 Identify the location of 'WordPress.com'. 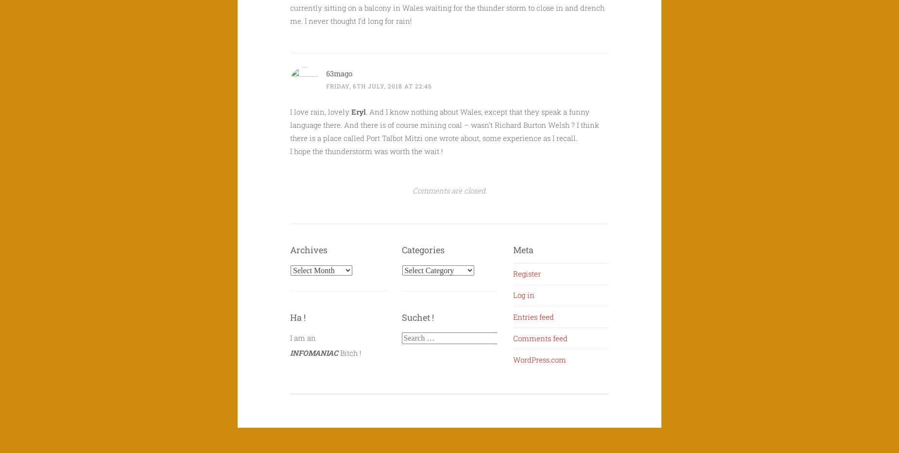
(539, 359).